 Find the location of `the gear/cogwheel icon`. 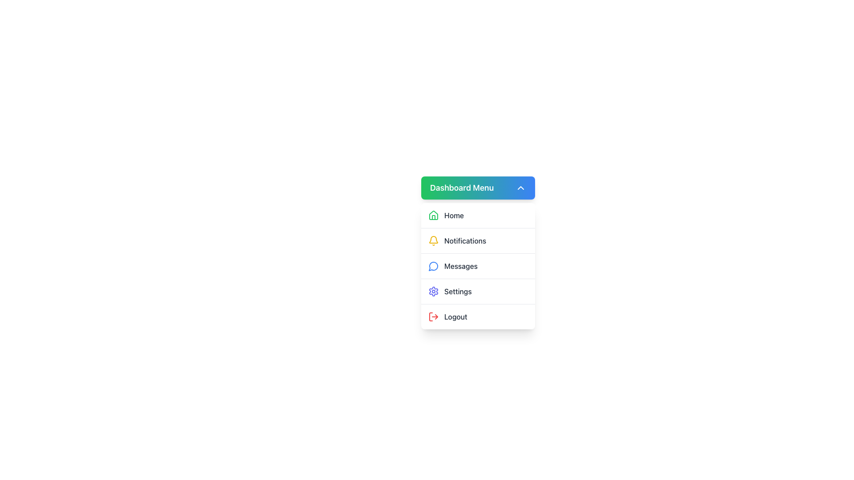

the gear/cogwheel icon is located at coordinates (433, 291).